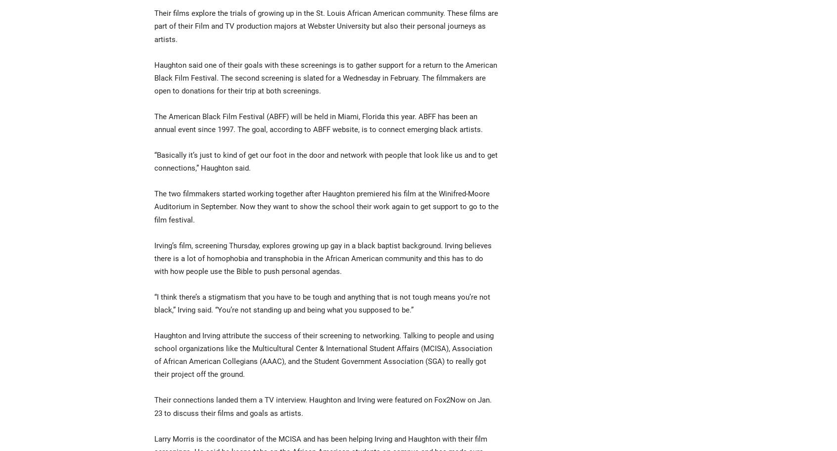 The image size is (837, 451). Describe the element at coordinates (318, 123) in the screenshot. I see `'The American Black Film Festival (ABFF) will be held in Miami, Florida this year. ABFF has been an annual event since 1997. The goal, according to ABFF website, is to connect emerging black artists.'` at that location.